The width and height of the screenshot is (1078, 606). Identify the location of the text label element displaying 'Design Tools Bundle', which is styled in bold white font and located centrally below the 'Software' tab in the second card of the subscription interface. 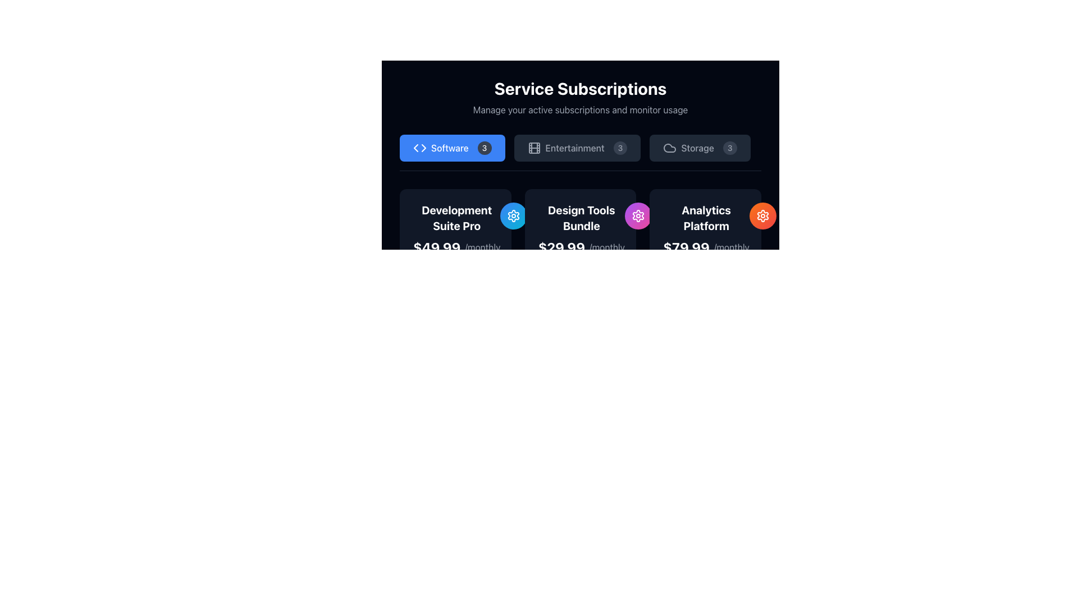
(581, 218).